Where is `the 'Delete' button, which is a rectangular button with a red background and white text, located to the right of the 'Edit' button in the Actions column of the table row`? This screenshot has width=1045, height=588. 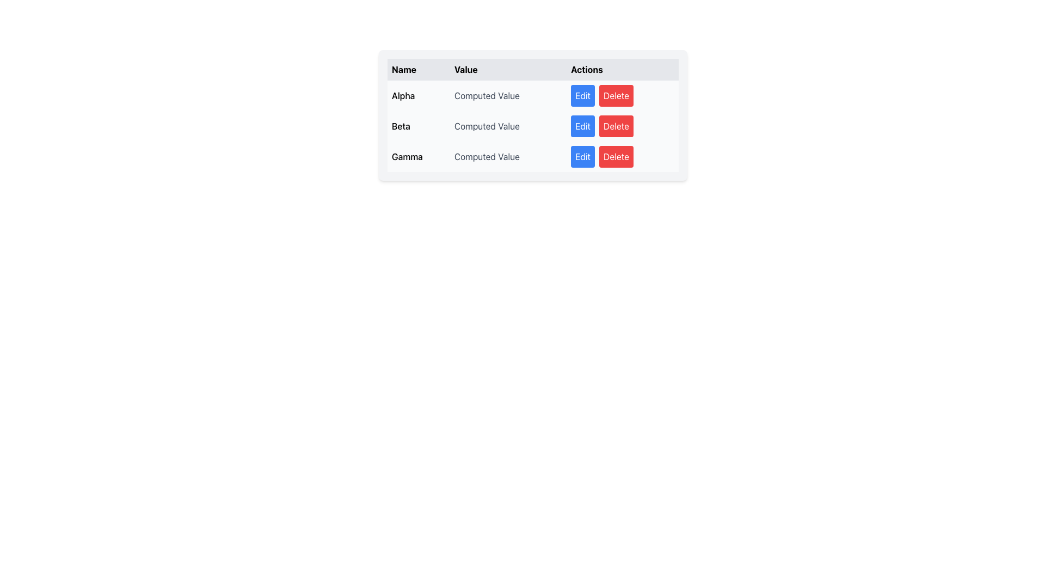 the 'Delete' button, which is a rectangular button with a red background and white text, located to the right of the 'Edit' button in the Actions column of the table row is located at coordinates (616, 95).